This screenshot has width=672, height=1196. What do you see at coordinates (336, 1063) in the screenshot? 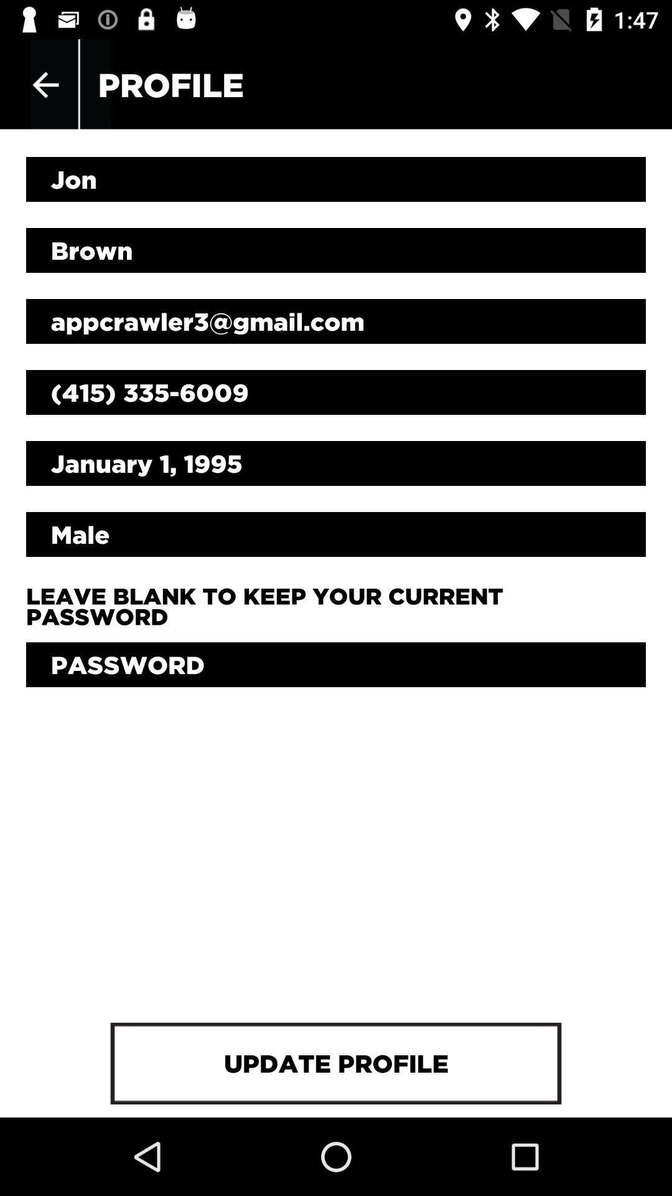
I see `update profile item` at bounding box center [336, 1063].